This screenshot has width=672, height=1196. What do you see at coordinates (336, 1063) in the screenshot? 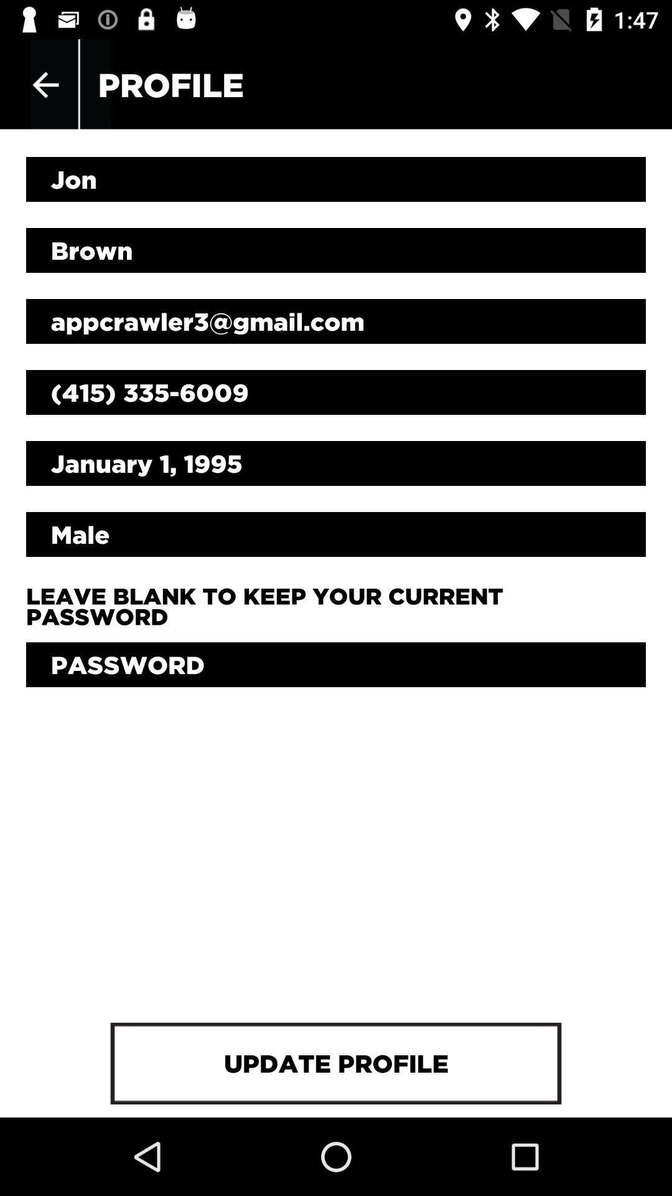
I see `update profile item` at bounding box center [336, 1063].